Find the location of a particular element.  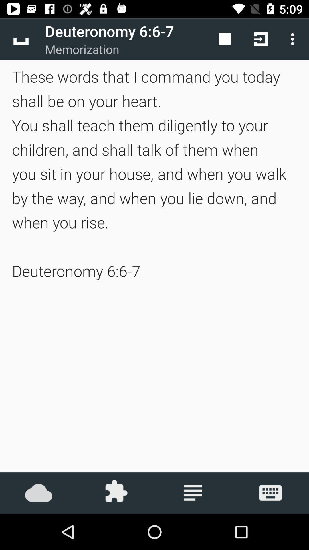

icon at the bottom left corner is located at coordinates (39, 492).